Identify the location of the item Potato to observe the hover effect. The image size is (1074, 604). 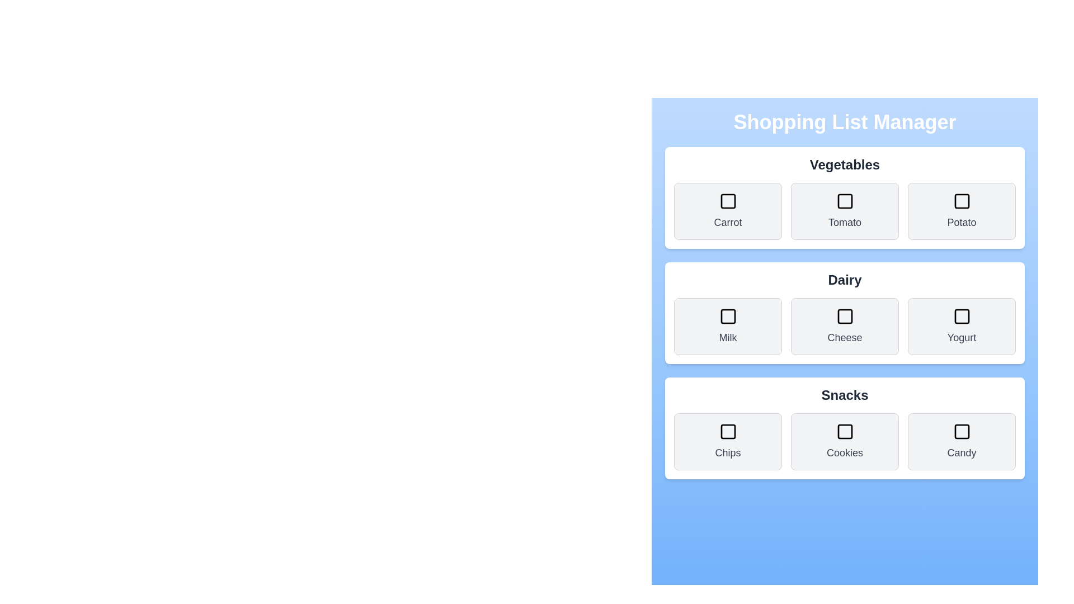
(961, 211).